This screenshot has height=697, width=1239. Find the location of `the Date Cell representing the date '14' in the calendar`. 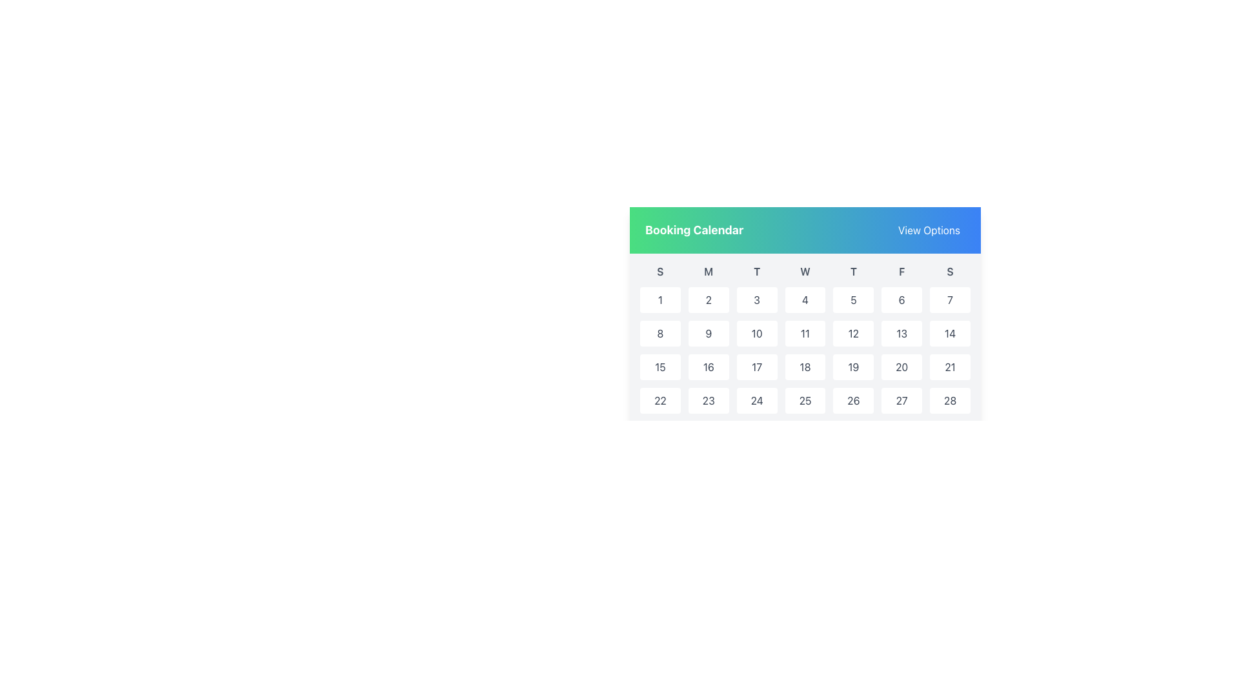

the Date Cell representing the date '14' in the calendar is located at coordinates (950, 332).